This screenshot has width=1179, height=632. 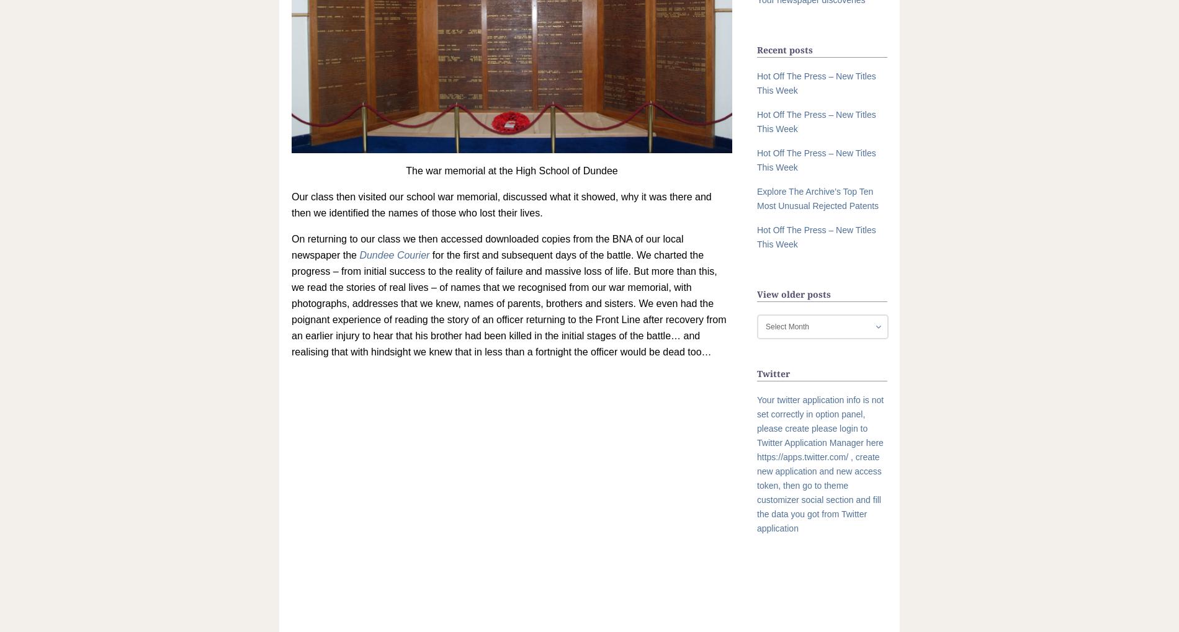 I want to click on 'Your twitter application info is not set correctly in option panel, please create please login to Twitter Application Manager here https://apps.twitter.com/ , create new application and new access token, then go to theme customizer social section and fill the data you got from Twitter application', so click(x=756, y=463).